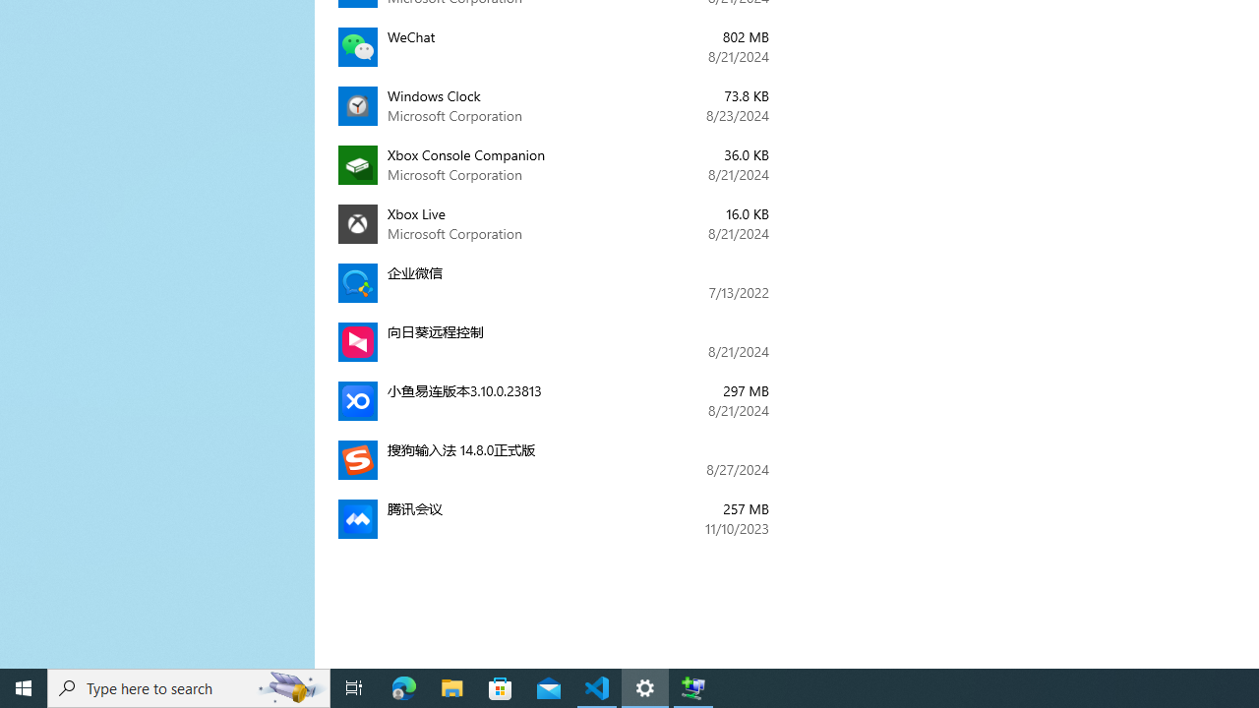 Image resolution: width=1259 pixels, height=708 pixels. What do you see at coordinates (693, 686) in the screenshot?
I see `'Extensible Wizards Host Process - 1 running window'` at bounding box center [693, 686].